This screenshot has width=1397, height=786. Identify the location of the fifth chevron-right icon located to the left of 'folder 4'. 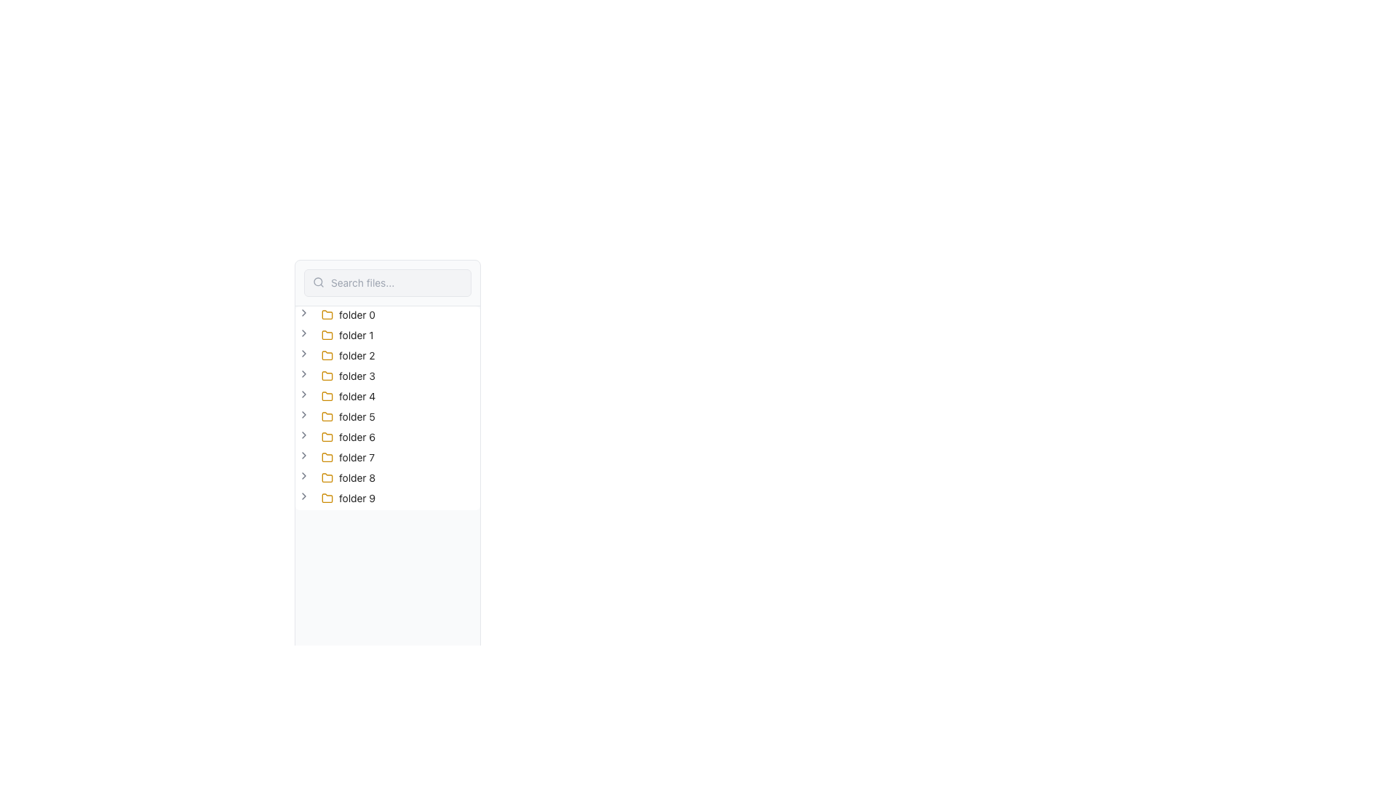
(303, 394).